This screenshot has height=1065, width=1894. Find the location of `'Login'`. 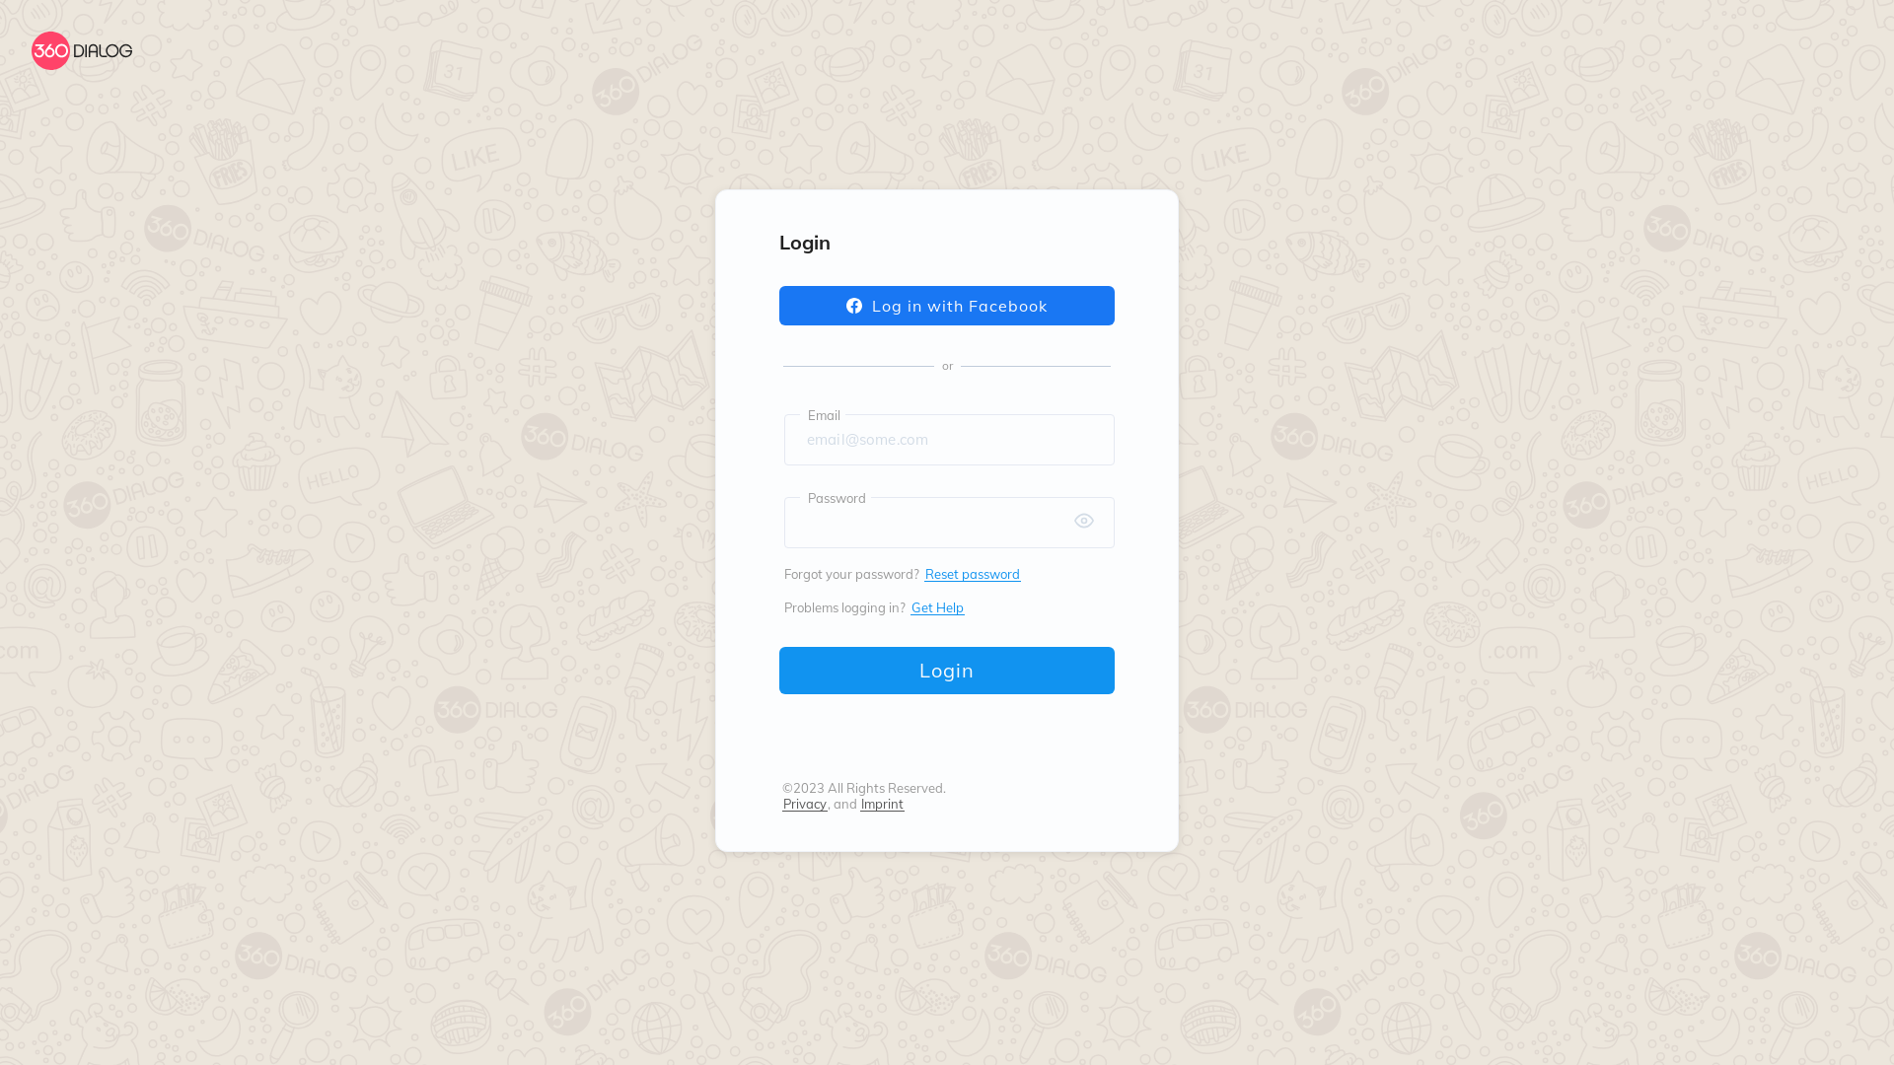

'Login' is located at coordinates (947, 669).